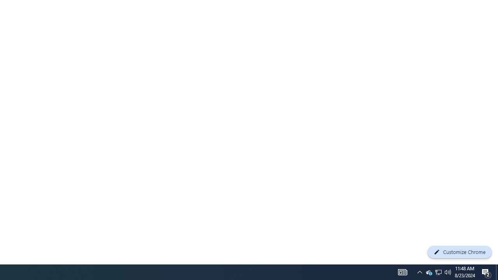 The image size is (498, 280). What do you see at coordinates (438, 271) in the screenshot?
I see `'User Promoted Notification Area'` at bounding box center [438, 271].